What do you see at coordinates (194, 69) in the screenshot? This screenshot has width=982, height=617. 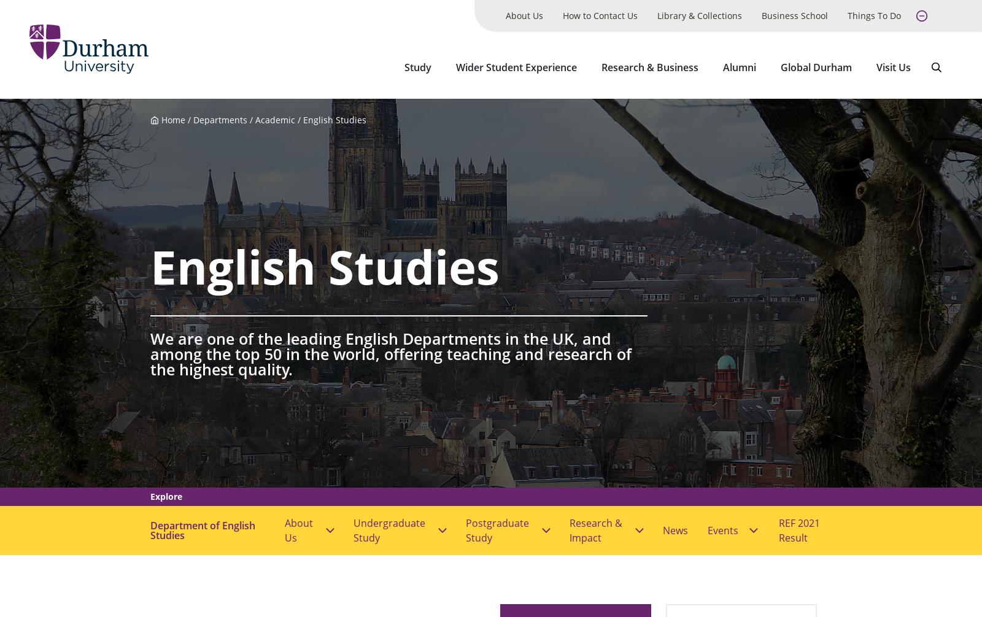 I see `'1:00 PM to 2:00 PM'` at bounding box center [194, 69].